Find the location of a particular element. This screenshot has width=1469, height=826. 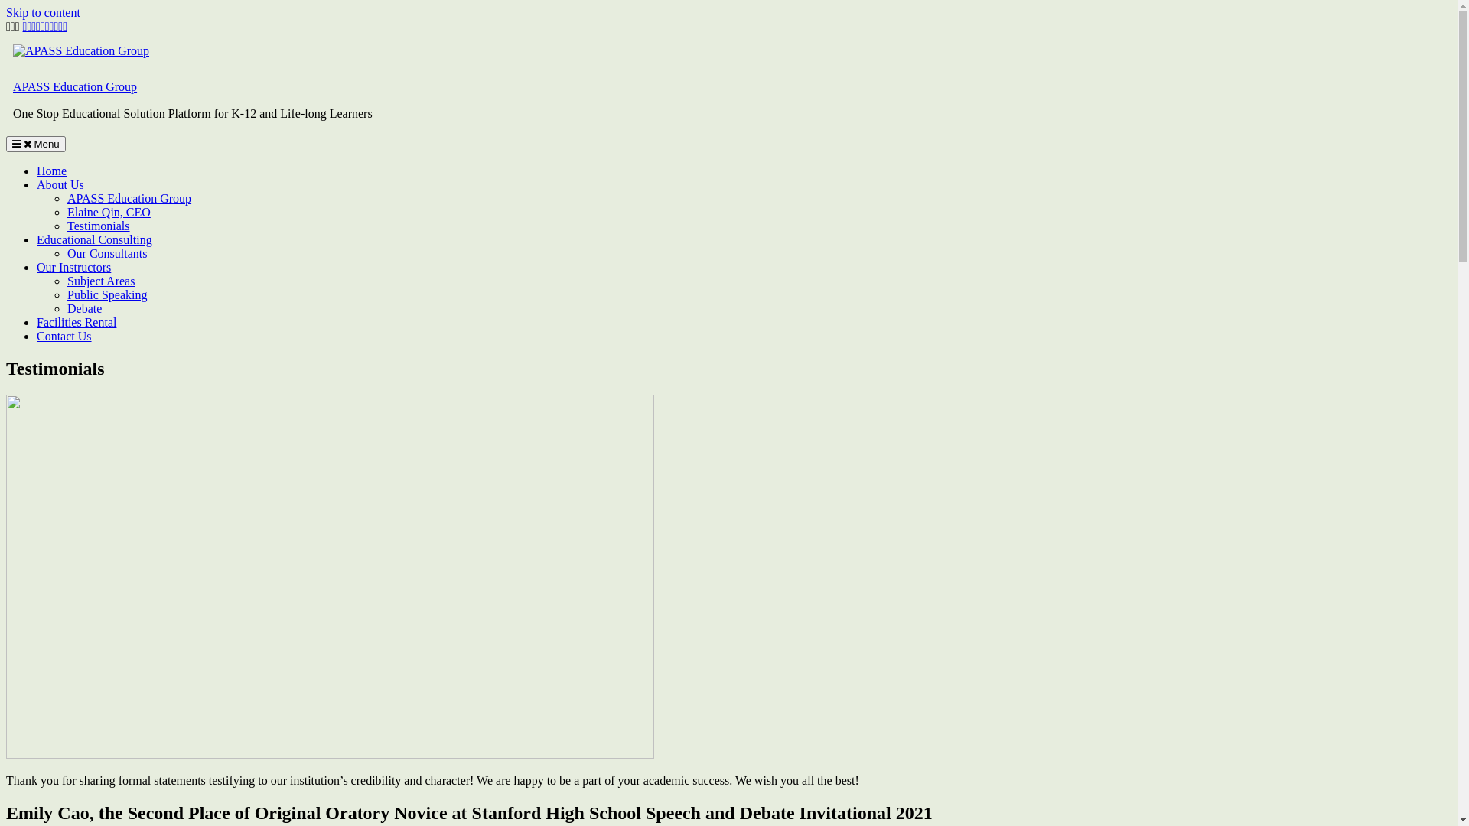

'Contact Us' is located at coordinates (63, 335).